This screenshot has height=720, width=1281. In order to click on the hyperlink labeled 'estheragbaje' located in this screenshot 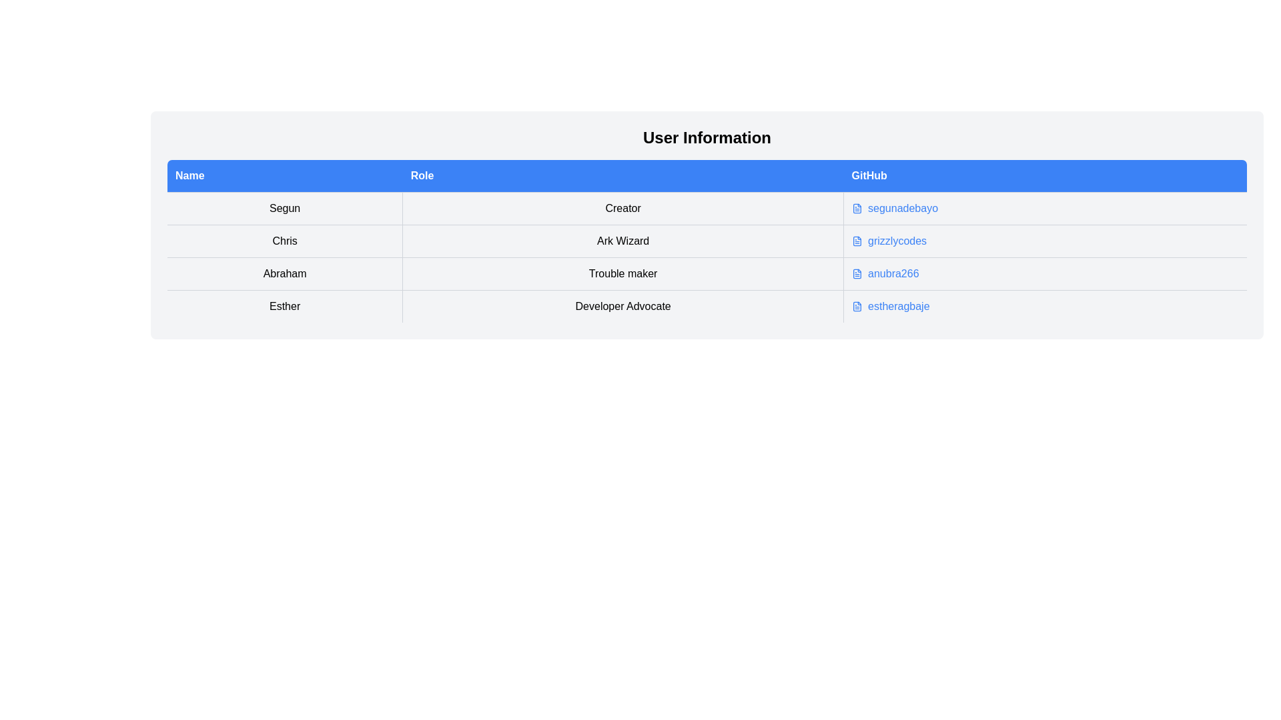, I will do `click(1045, 306)`.